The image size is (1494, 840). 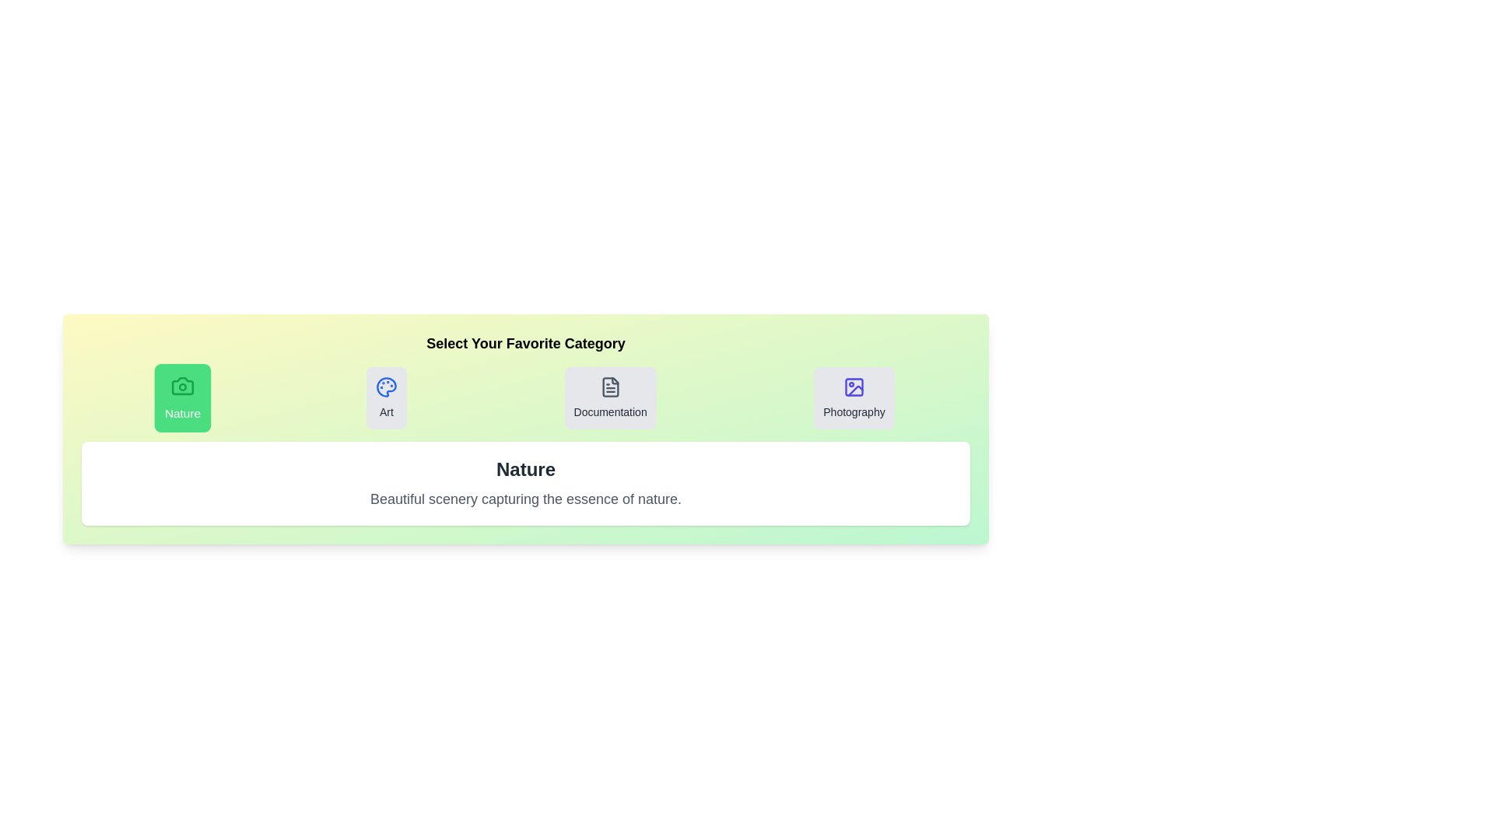 What do you see at coordinates (183, 397) in the screenshot?
I see `the tab for Nature to observe the hover effect` at bounding box center [183, 397].